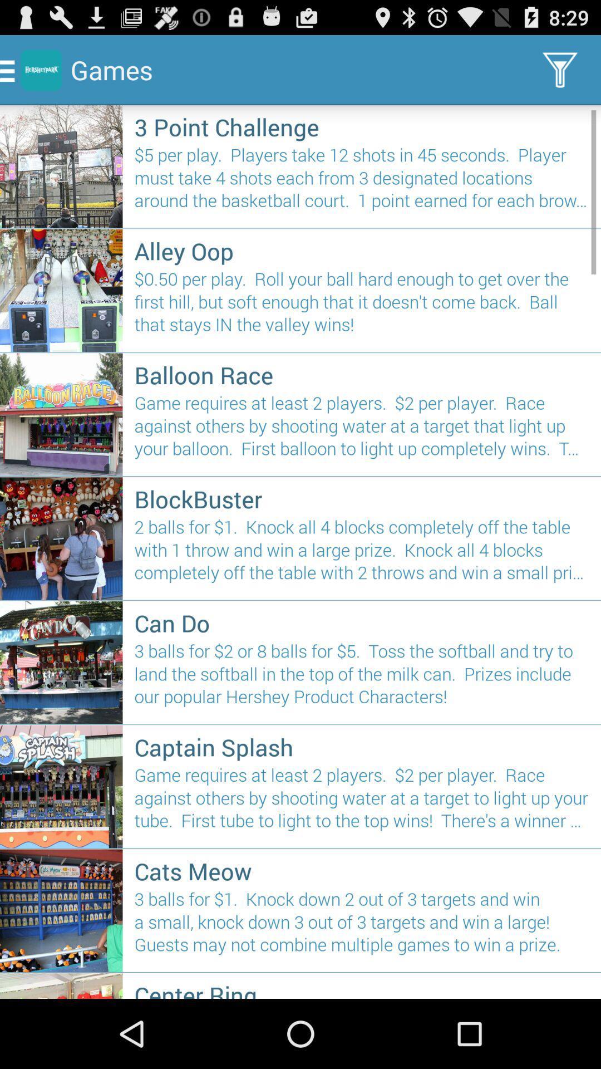 The height and width of the screenshot is (1069, 601). Describe the element at coordinates (362, 306) in the screenshot. I see `item below alley oop` at that location.